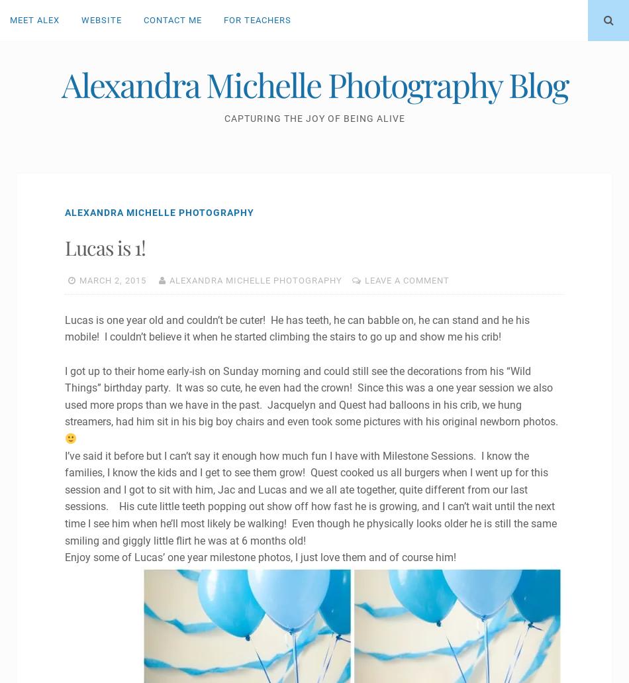 This screenshot has width=629, height=683. I want to click on 'Lucas is one year old and couldn’t be cuter!  He has teeth, he can babble on, he can stand and he his mobile!  I couldn’t believe it when he started climbing the stairs to go up and show me his crib!', so click(296, 328).